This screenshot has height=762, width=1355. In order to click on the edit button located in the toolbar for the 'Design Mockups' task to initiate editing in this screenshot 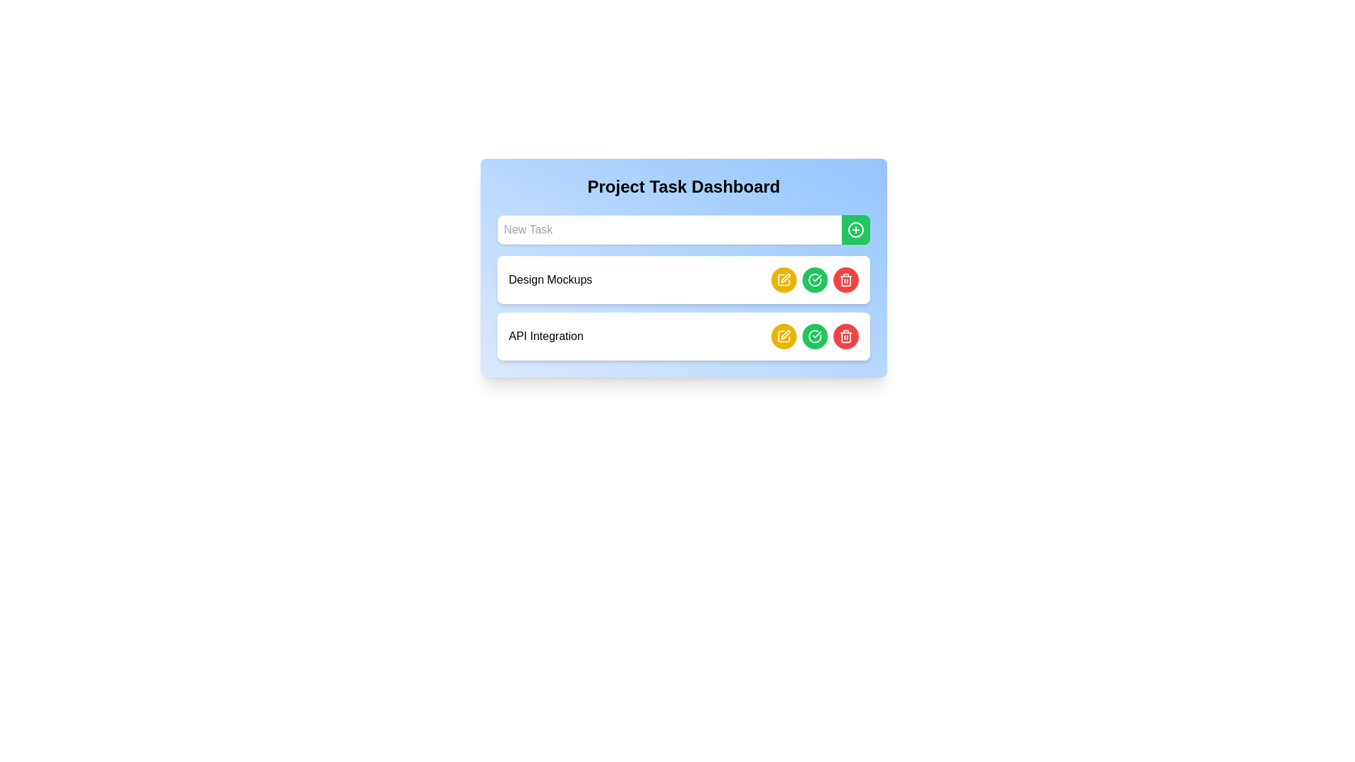, I will do `click(783, 337)`.